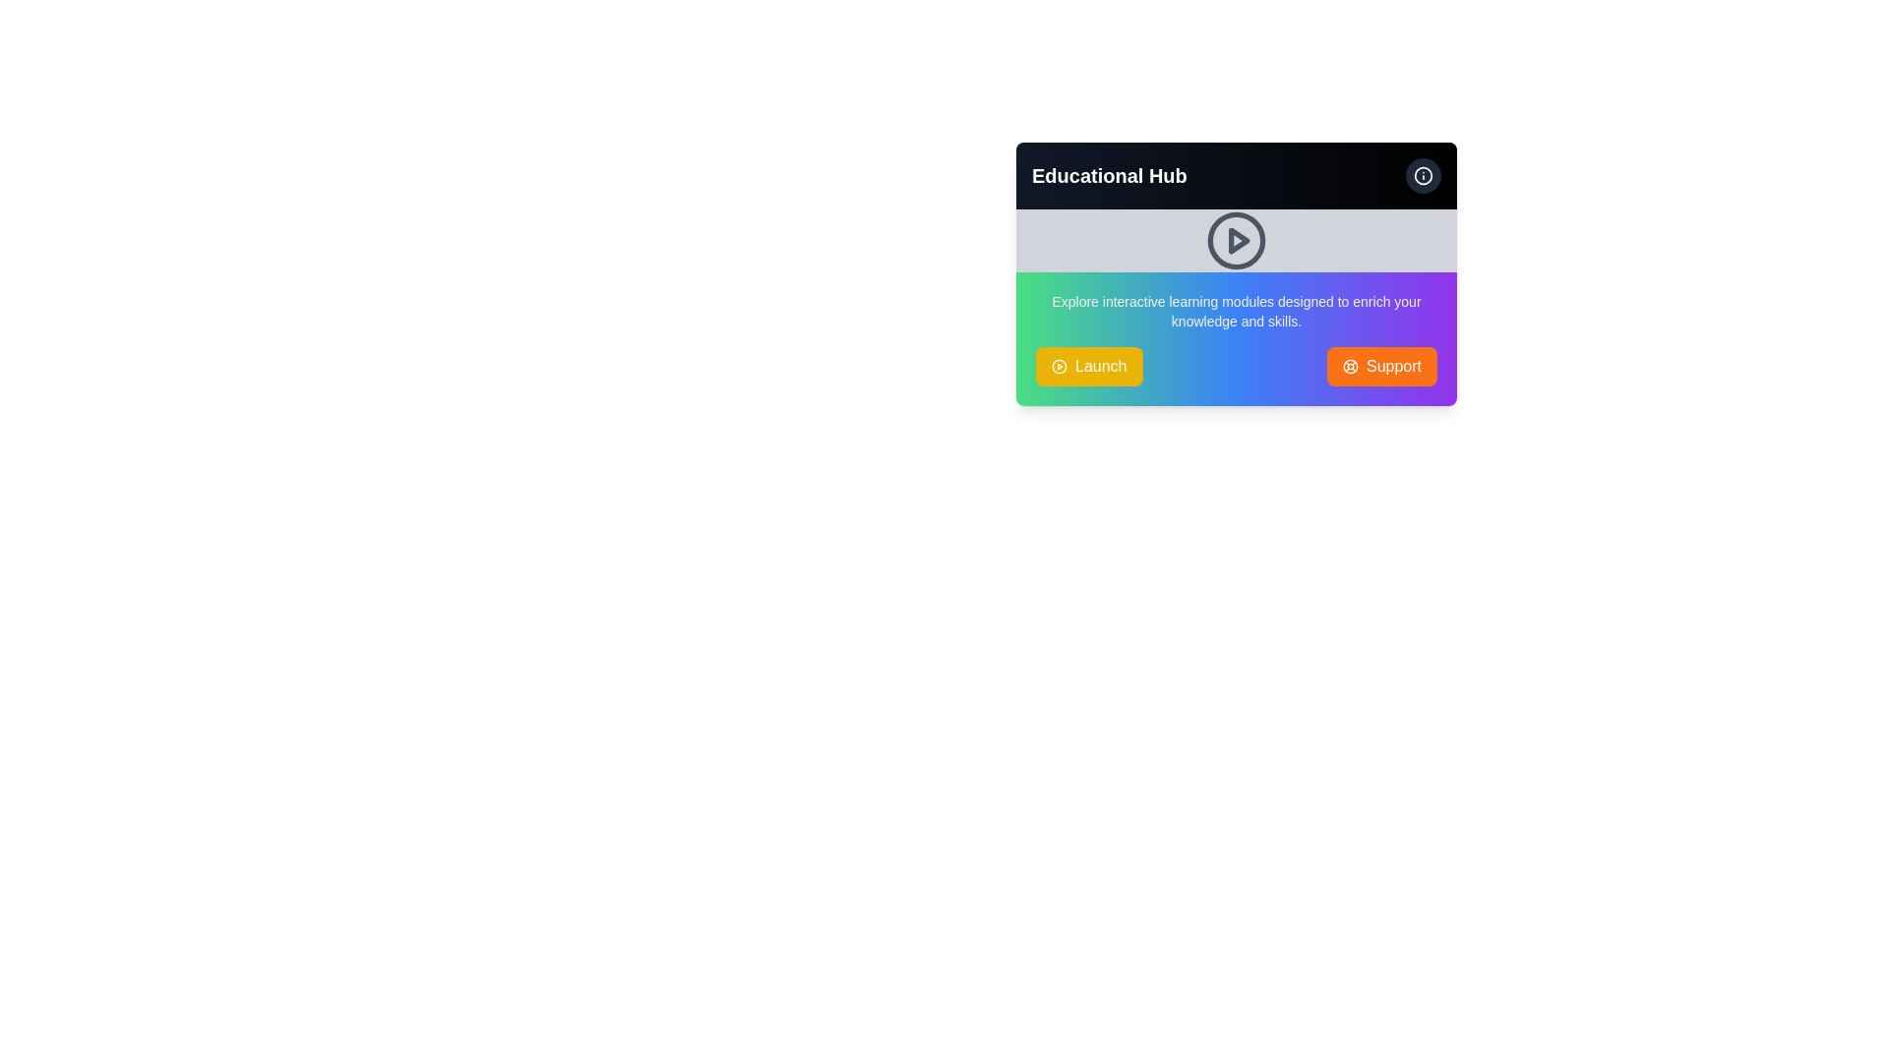 The image size is (1889, 1062). What do you see at coordinates (1236, 273) in the screenshot?
I see `the play icon in the Educational Hub card` at bounding box center [1236, 273].